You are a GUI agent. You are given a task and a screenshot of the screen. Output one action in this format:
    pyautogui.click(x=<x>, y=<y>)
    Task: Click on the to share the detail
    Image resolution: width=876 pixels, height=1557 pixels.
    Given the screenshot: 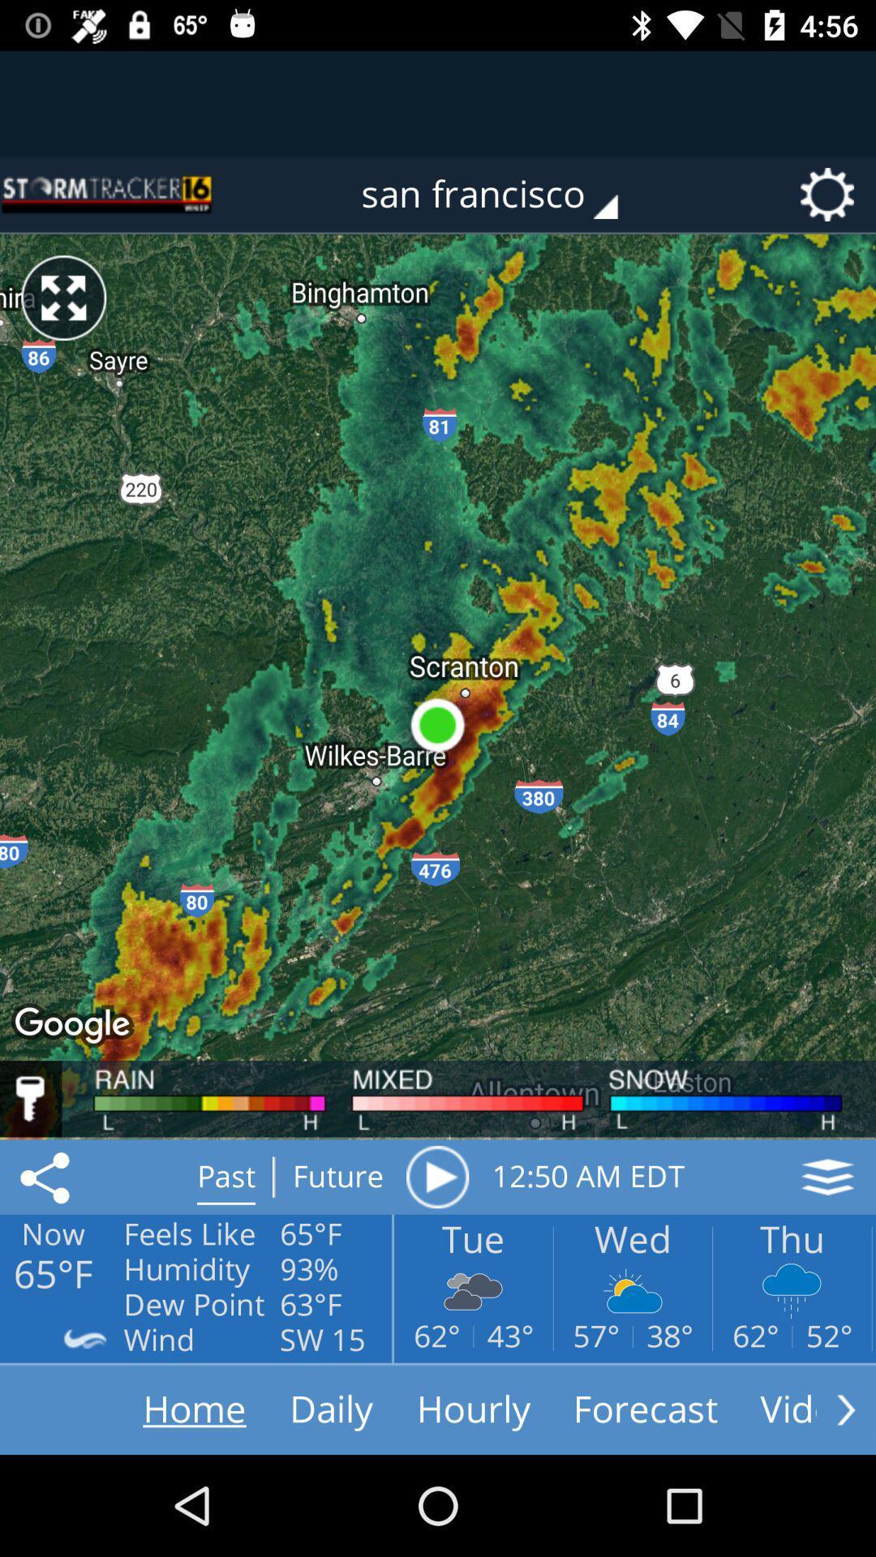 What is the action you would take?
    pyautogui.click(x=47, y=1177)
    